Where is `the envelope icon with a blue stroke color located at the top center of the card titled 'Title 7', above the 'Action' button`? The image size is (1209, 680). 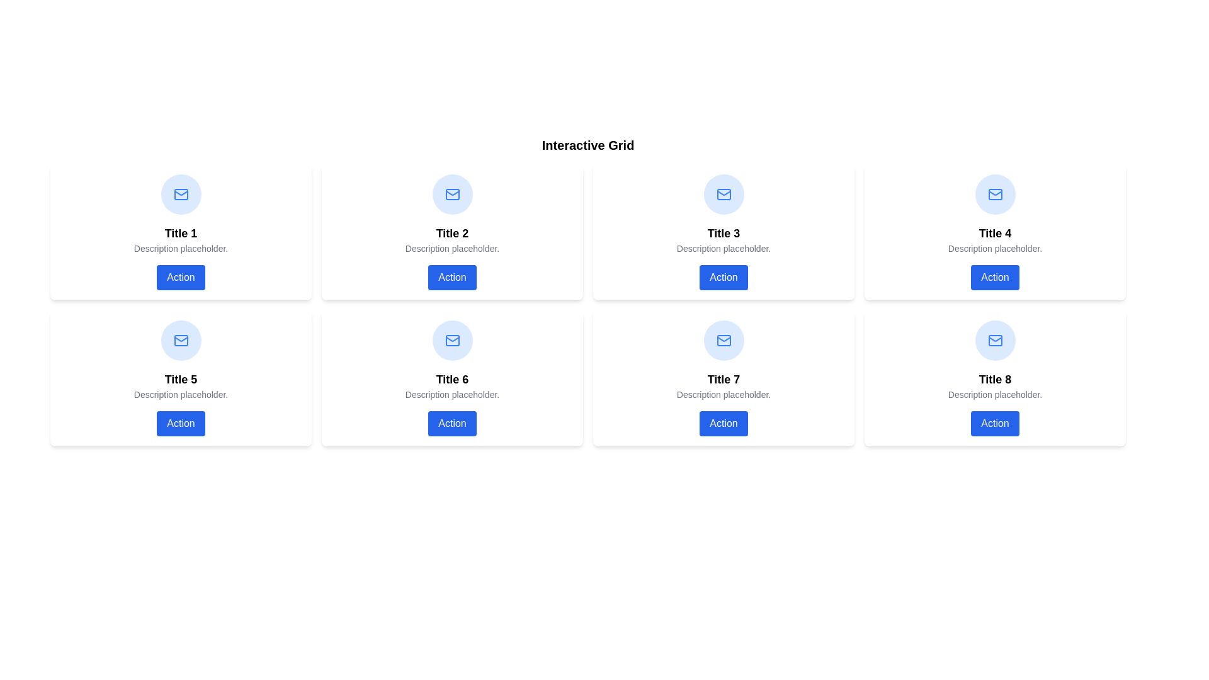 the envelope icon with a blue stroke color located at the top center of the card titled 'Title 7', above the 'Action' button is located at coordinates (724, 340).